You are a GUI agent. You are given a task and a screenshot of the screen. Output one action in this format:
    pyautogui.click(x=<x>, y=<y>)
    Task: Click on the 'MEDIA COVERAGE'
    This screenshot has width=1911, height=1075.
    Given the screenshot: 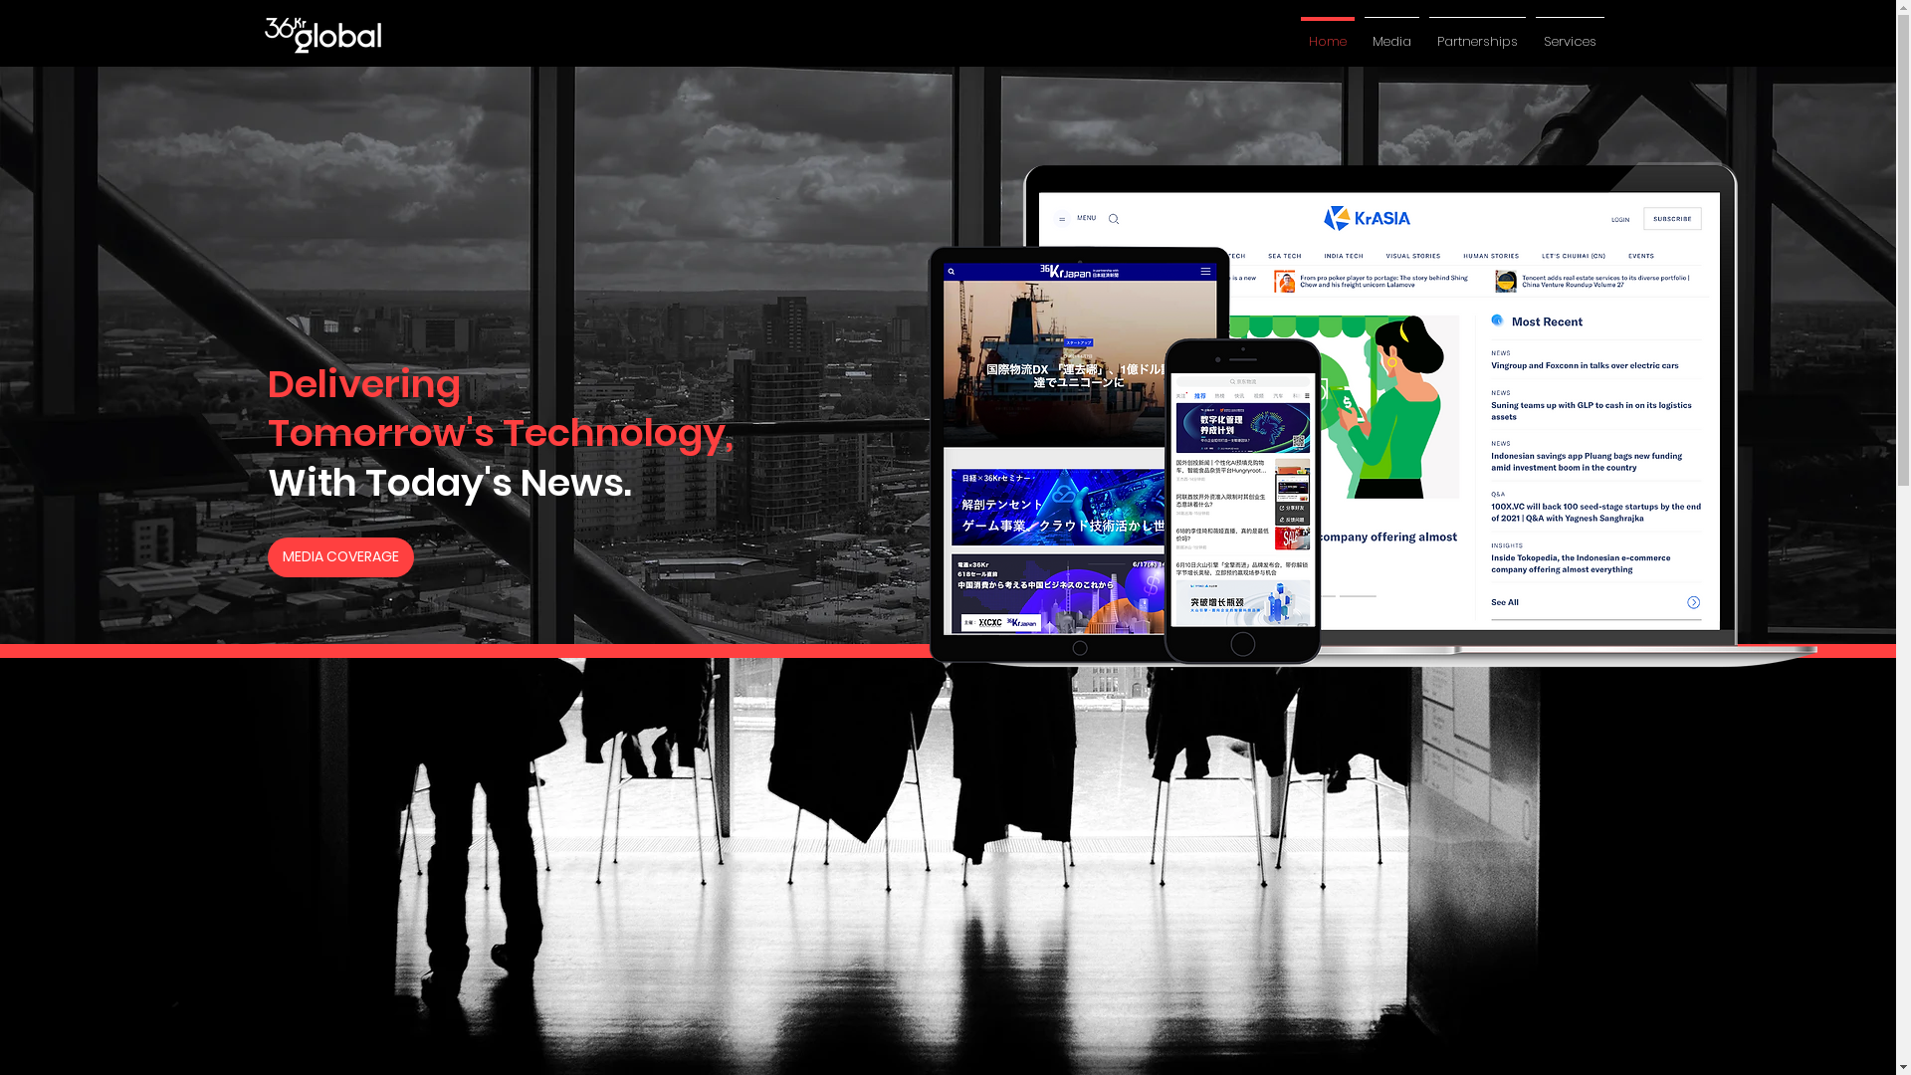 What is the action you would take?
    pyautogui.click(x=340, y=556)
    